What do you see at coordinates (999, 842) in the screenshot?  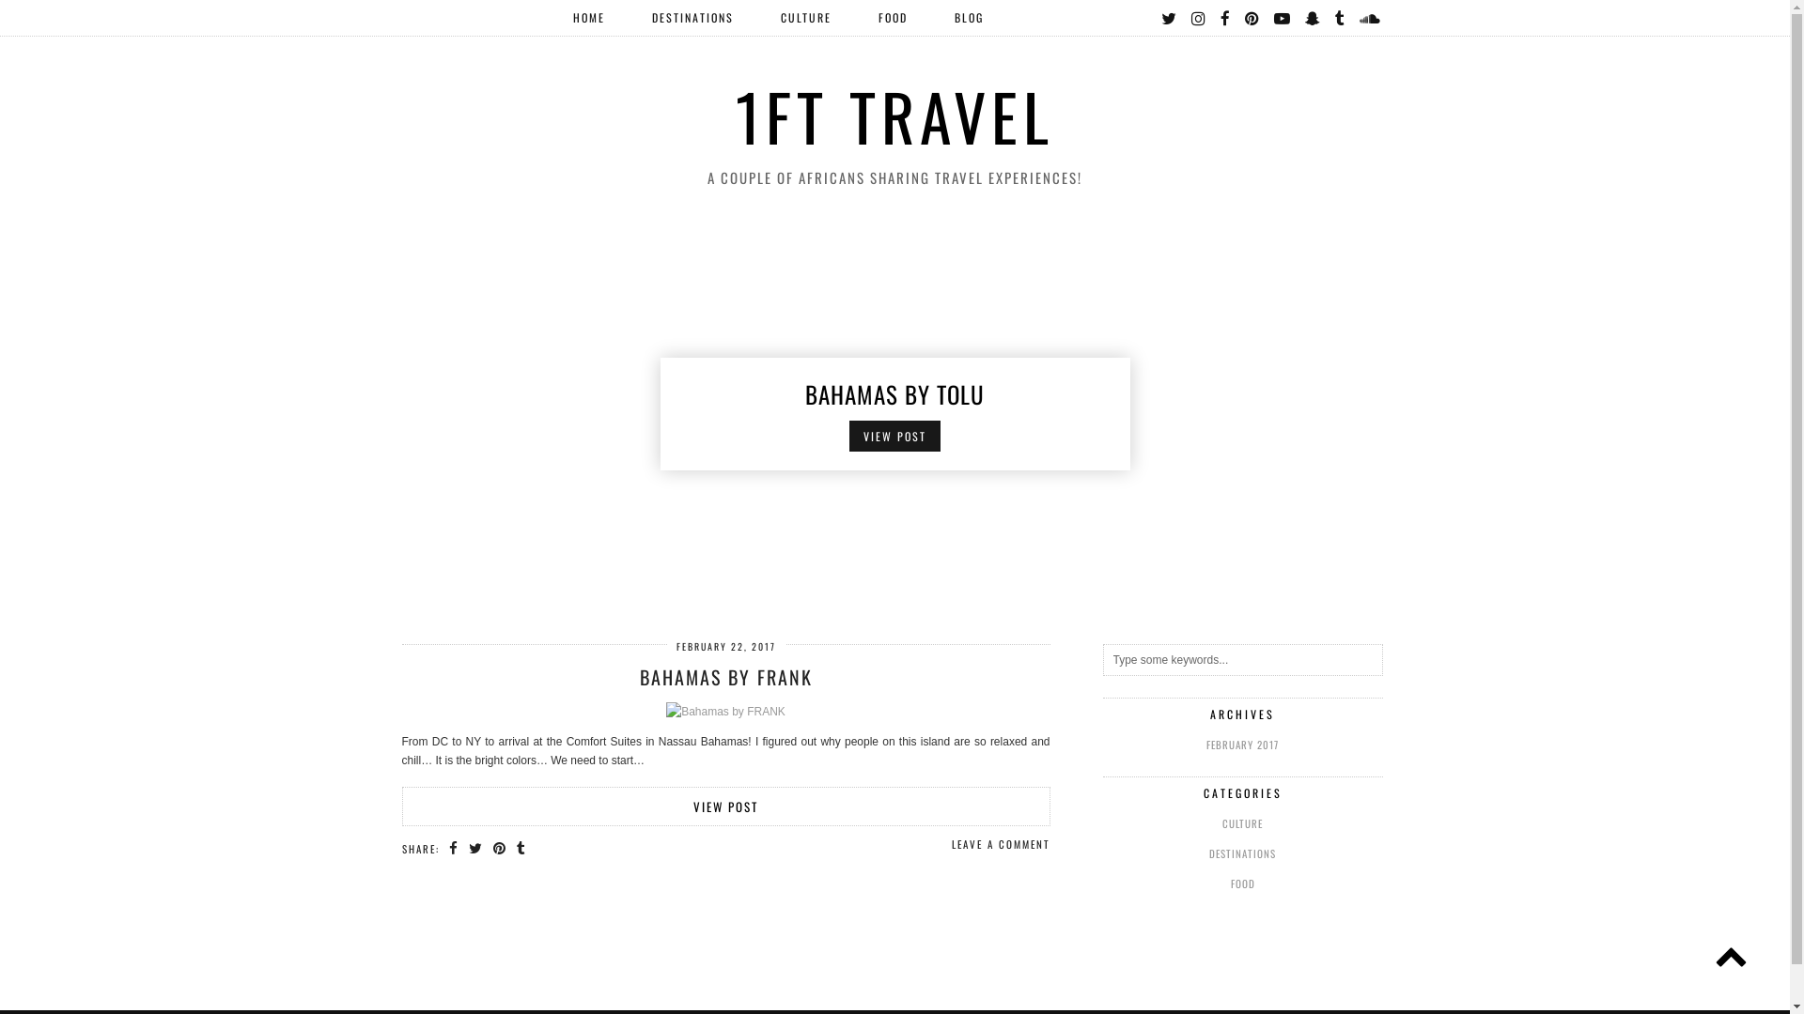 I see `'LEAVE A COMMENT'` at bounding box center [999, 842].